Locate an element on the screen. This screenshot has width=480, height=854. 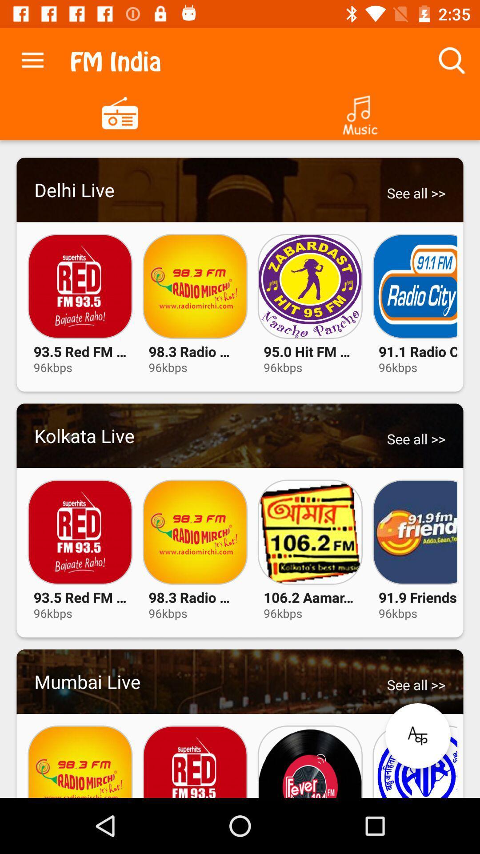
change the language is located at coordinates (418, 736).